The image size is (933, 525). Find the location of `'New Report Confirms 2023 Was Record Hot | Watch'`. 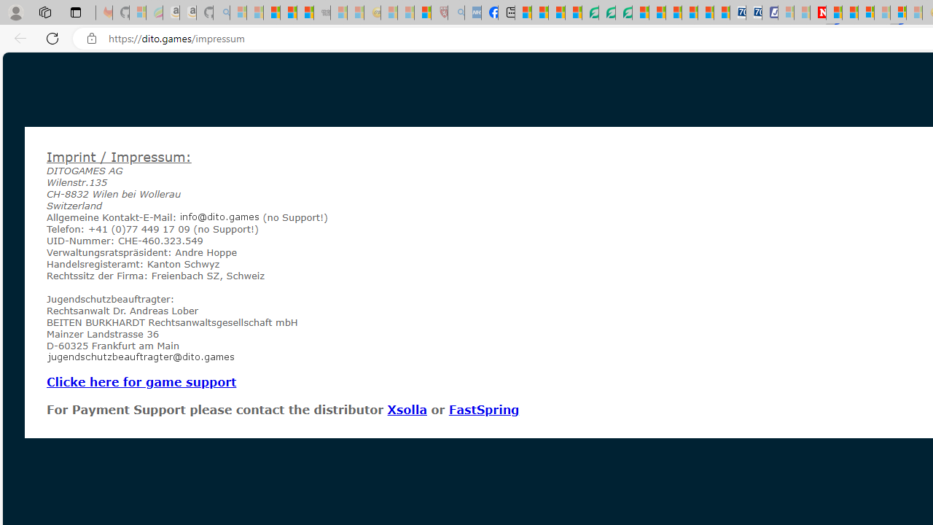

'New Report Confirms 2023 Was Record Hot | Watch' is located at coordinates (305, 12).